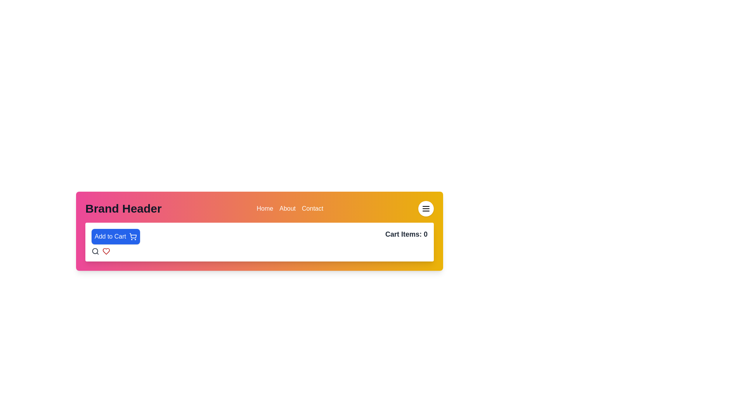  Describe the element at coordinates (259, 208) in the screenshot. I see `one of the navigation links in the horizontal navigation bar located at the upper section of the interface, which includes links such as 'Home', 'About', and 'Contact'` at that location.